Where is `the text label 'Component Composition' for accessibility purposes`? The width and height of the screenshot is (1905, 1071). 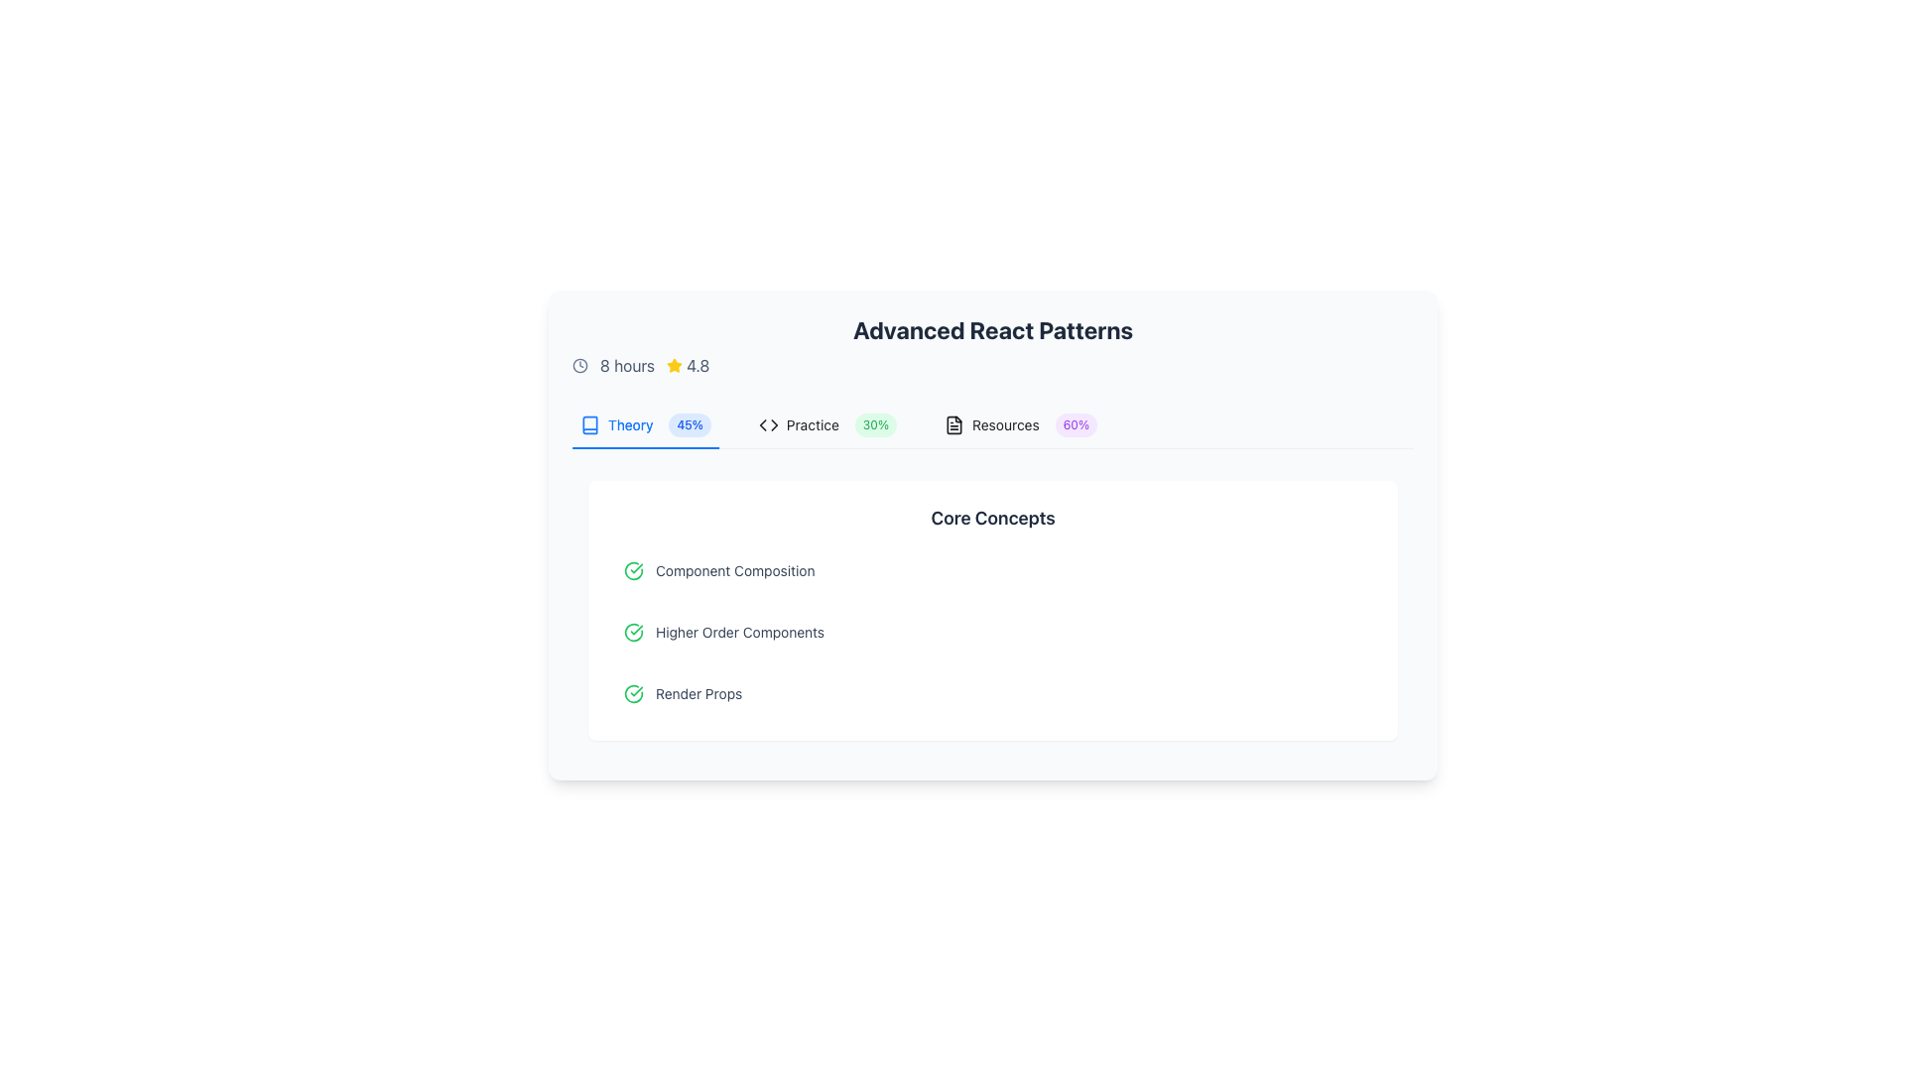 the text label 'Component Composition' for accessibility purposes is located at coordinates (734, 570).